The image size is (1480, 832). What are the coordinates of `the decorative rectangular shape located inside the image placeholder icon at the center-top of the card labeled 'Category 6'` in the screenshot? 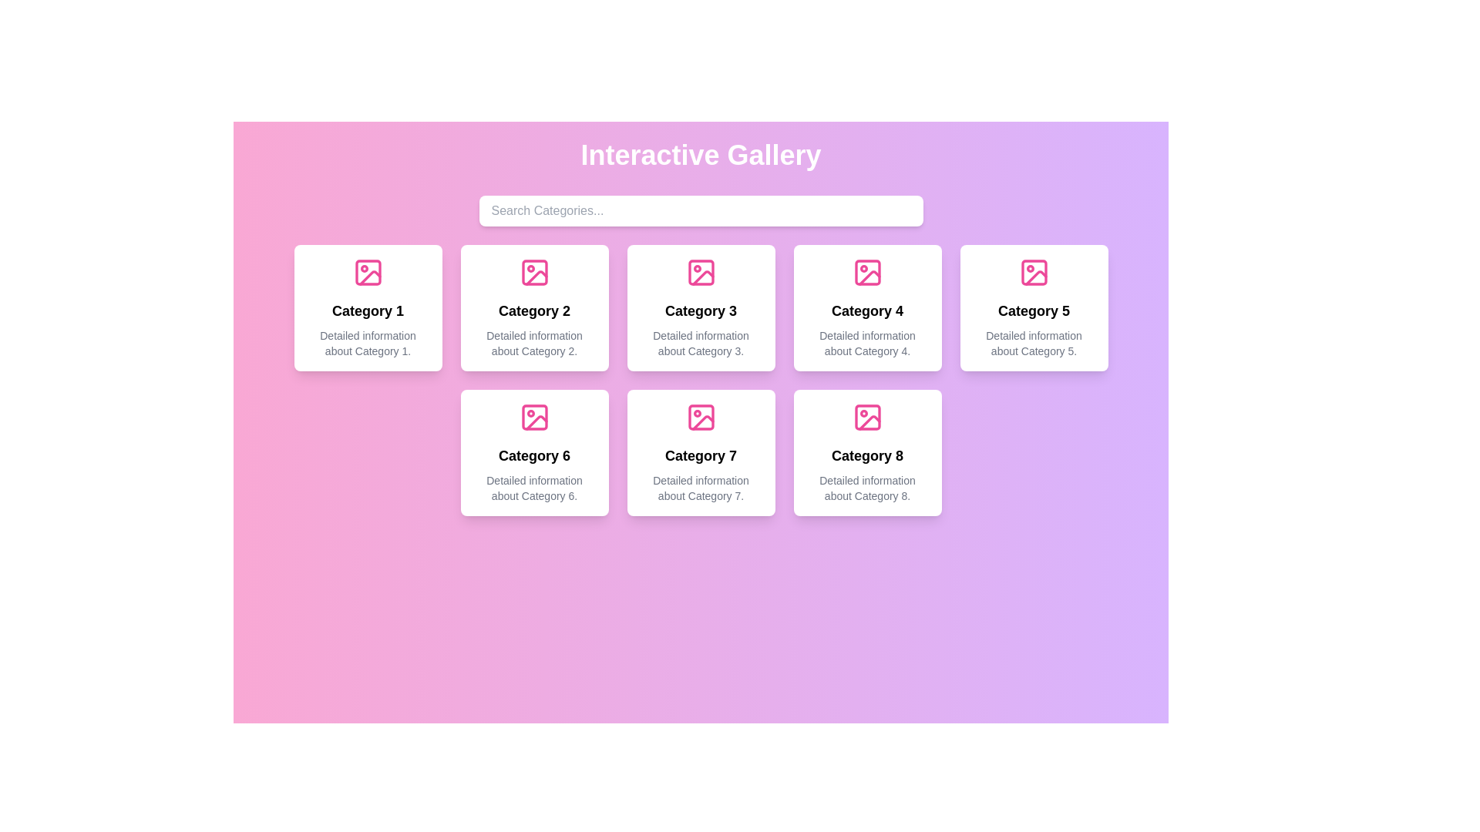 It's located at (534, 418).